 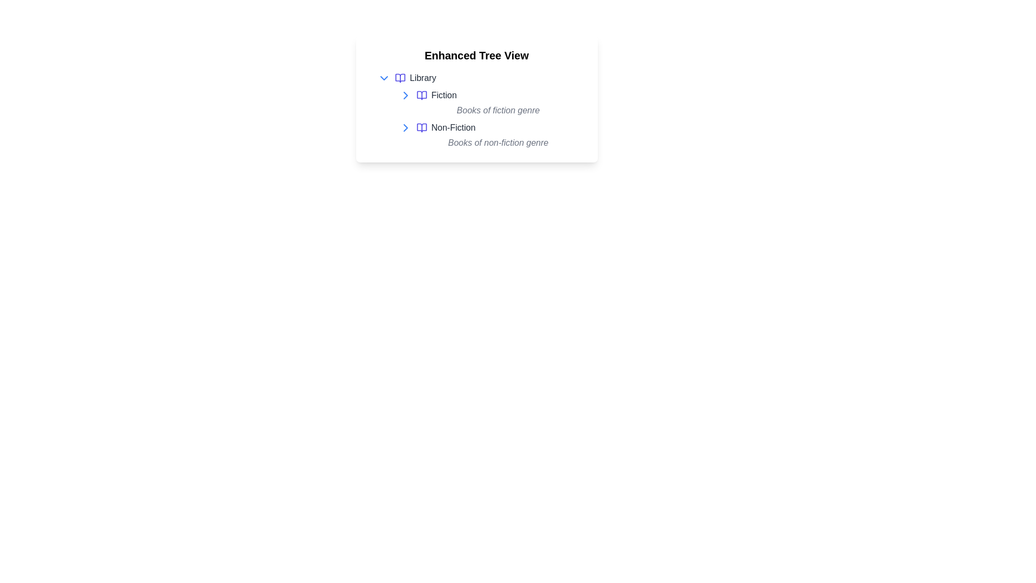 I want to click on the text block displaying information about book genres, specifically located in the middle-right section of the layout below the 'Enhanced Tree View' heading, so click(x=487, y=119).